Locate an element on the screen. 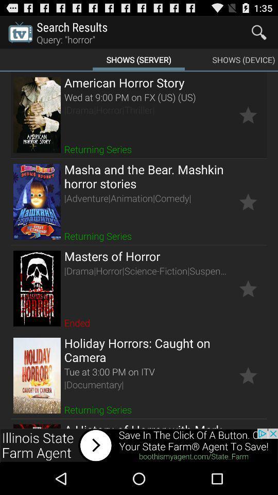 Image resolution: width=278 pixels, height=495 pixels. to favorite is located at coordinates (248, 201).